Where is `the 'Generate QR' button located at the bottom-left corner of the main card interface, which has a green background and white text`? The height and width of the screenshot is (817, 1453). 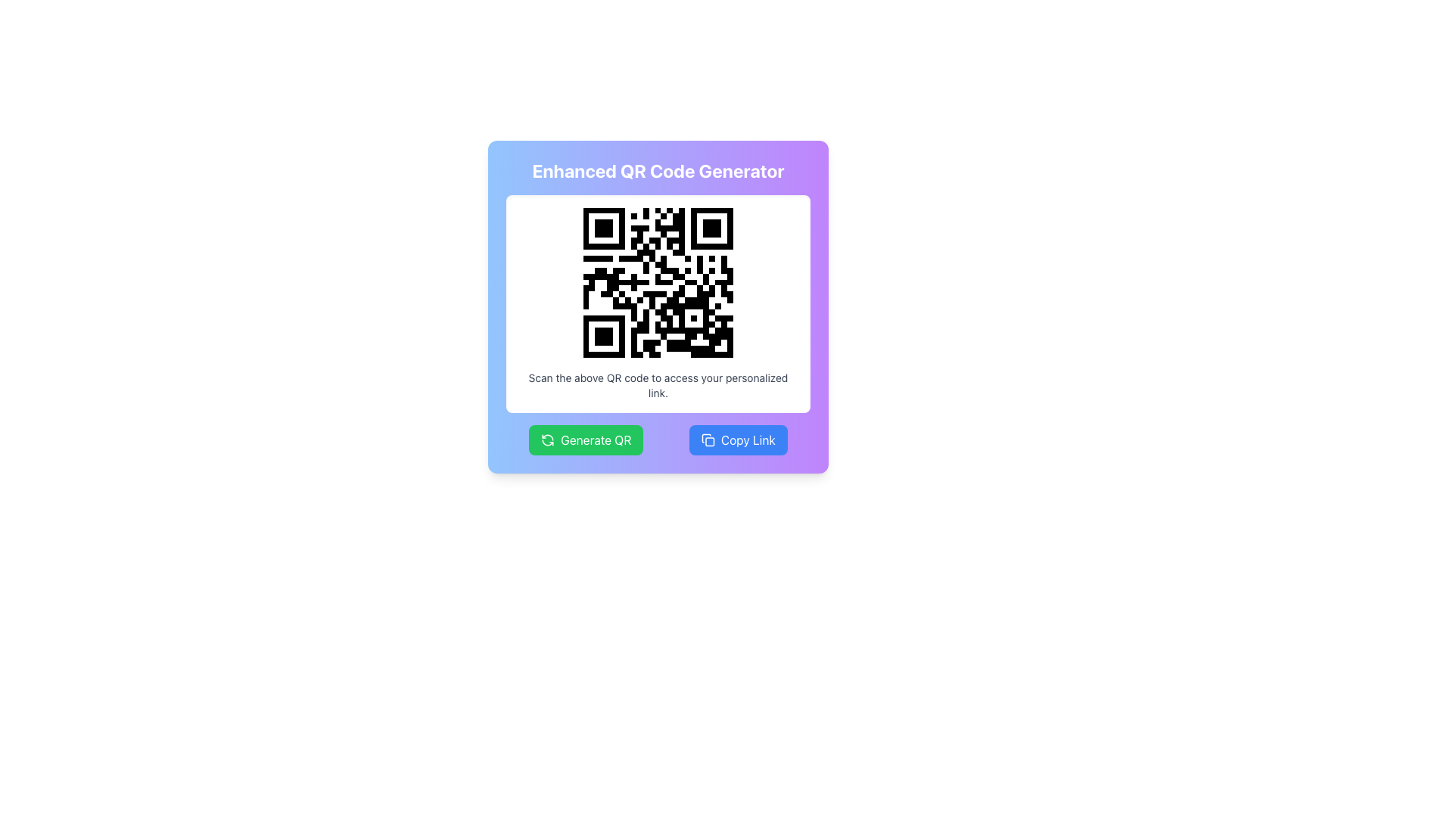 the 'Generate QR' button located at the bottom-left corner of the main card interface, which has a green background and white text is located at coordinates (595, 440).